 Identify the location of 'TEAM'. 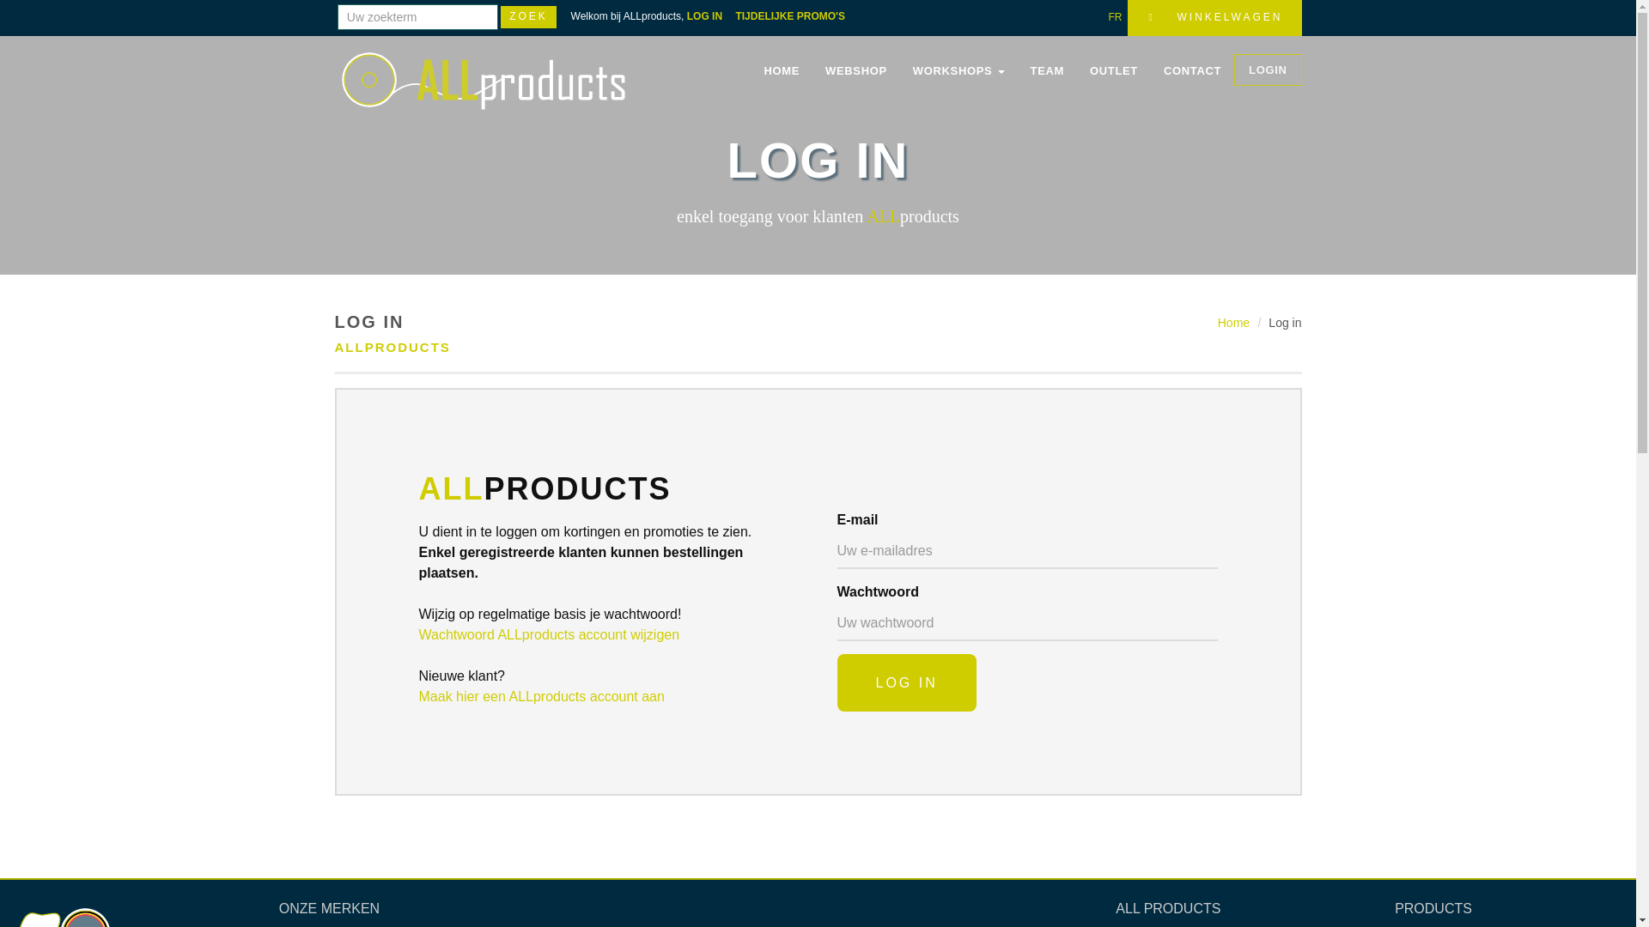
(1046, 70).